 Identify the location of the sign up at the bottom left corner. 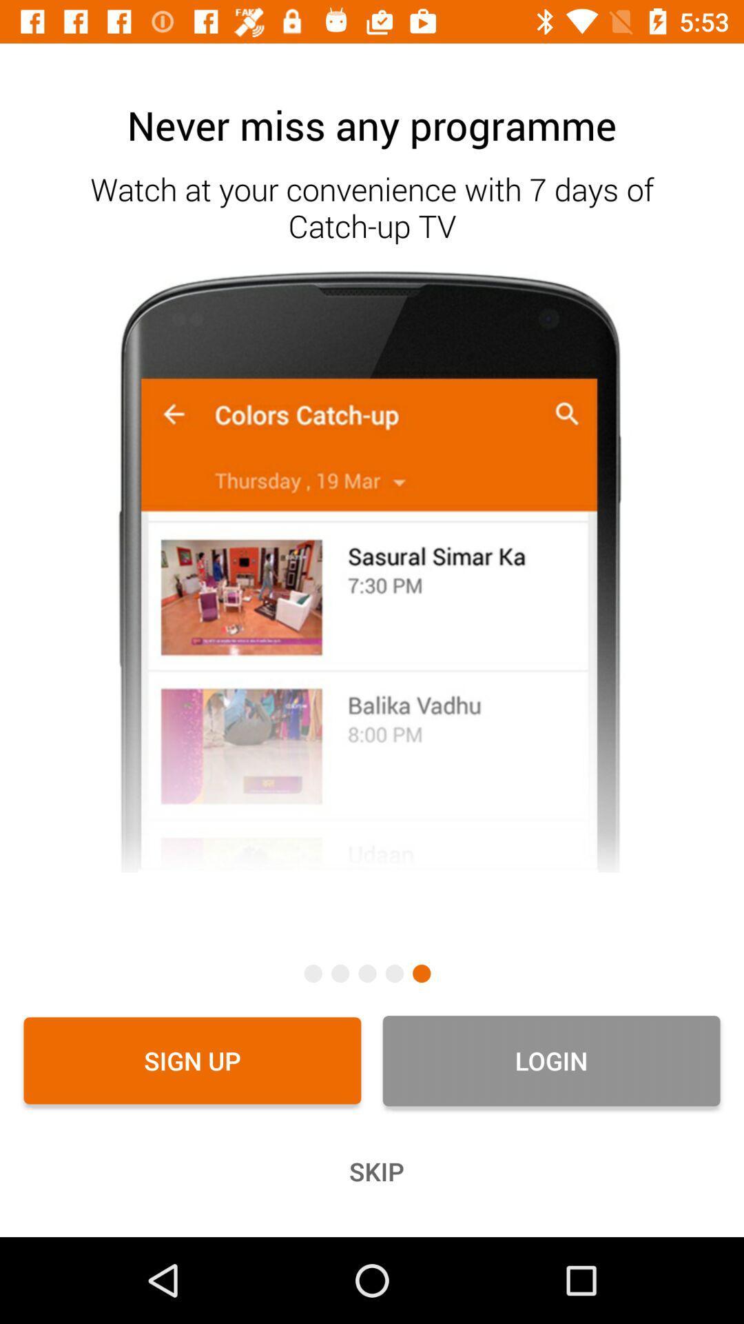
(192, 1060).